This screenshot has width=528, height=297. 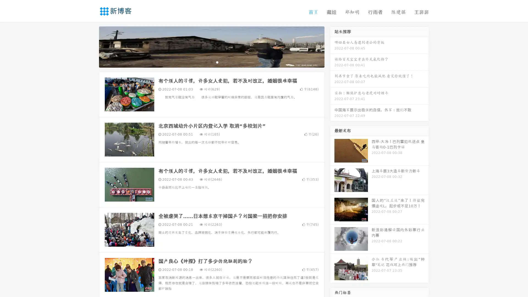 I want to click on Go to slide 2, so click(x=211, y=62).